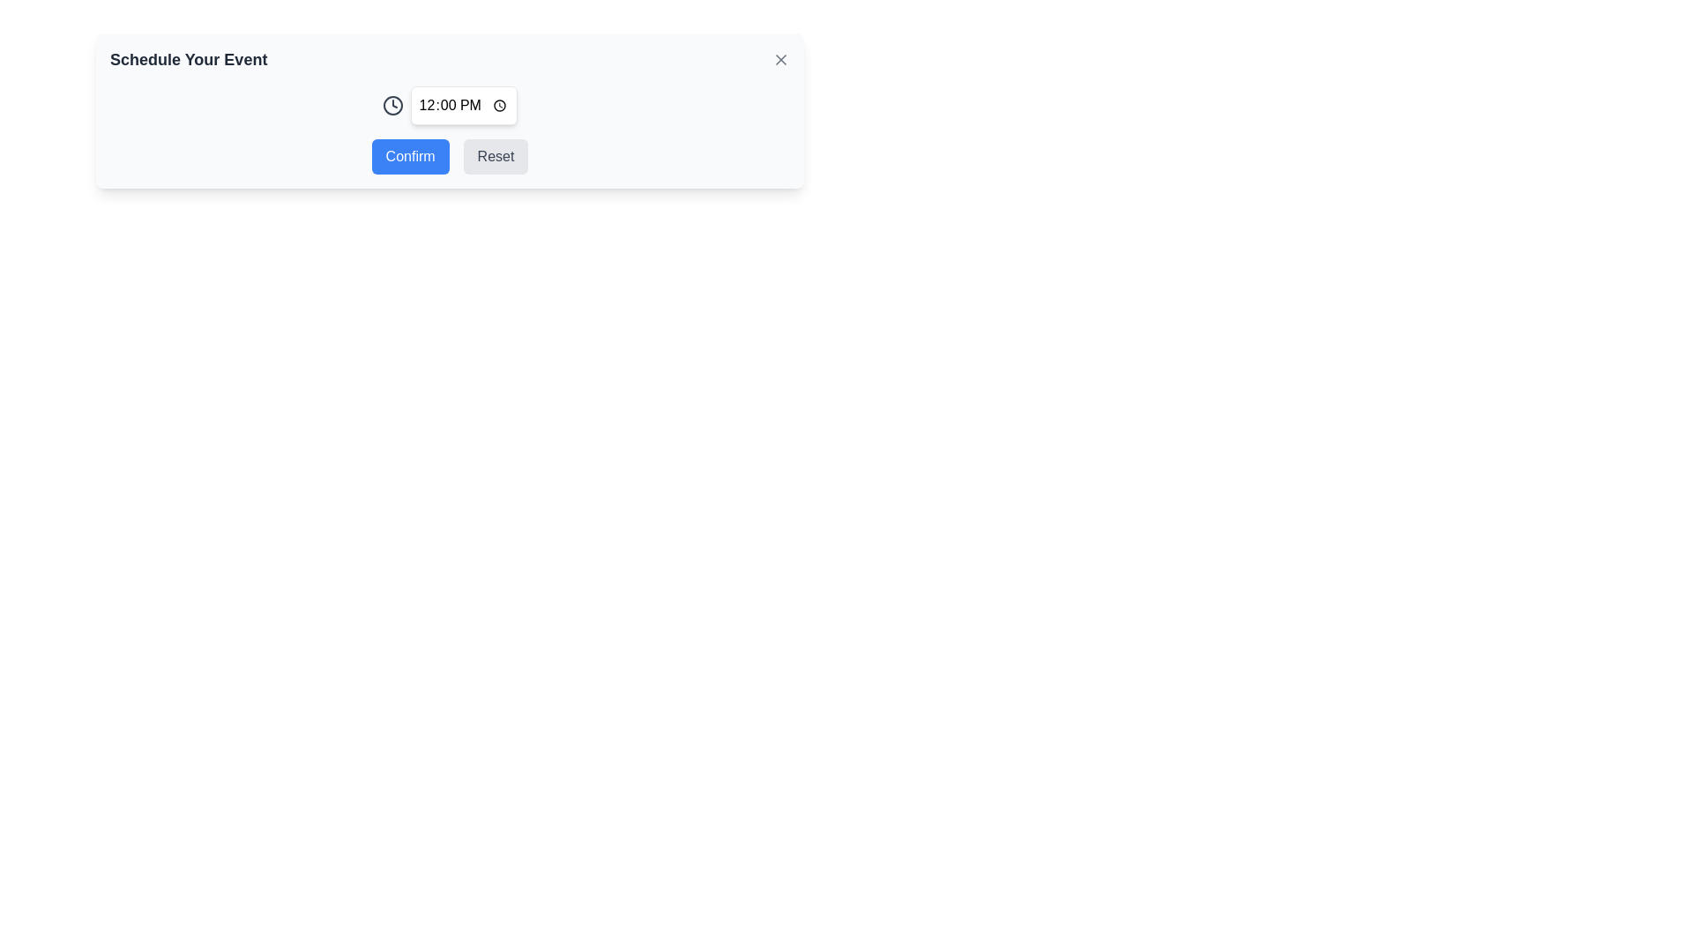 The image size is (1693, 952). Describe the element at coordinates (450, 105) in the screenshot. I see `the time input field styled with a border and rounded corners, which contains the default value '12:00 PM'` at that location.